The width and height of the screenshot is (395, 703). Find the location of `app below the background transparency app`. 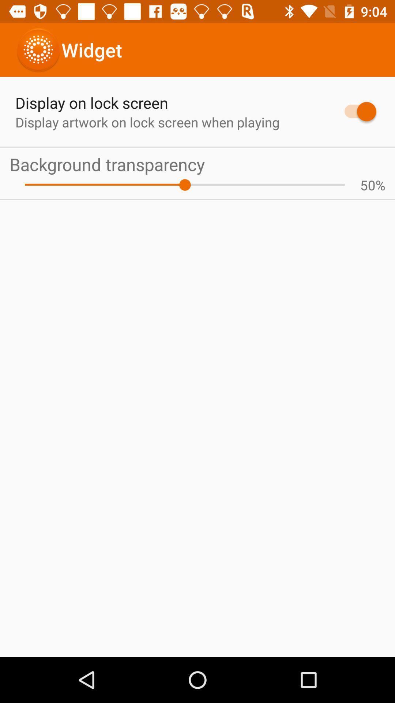

app below the background transparency app is located at coordinates (368, 185).